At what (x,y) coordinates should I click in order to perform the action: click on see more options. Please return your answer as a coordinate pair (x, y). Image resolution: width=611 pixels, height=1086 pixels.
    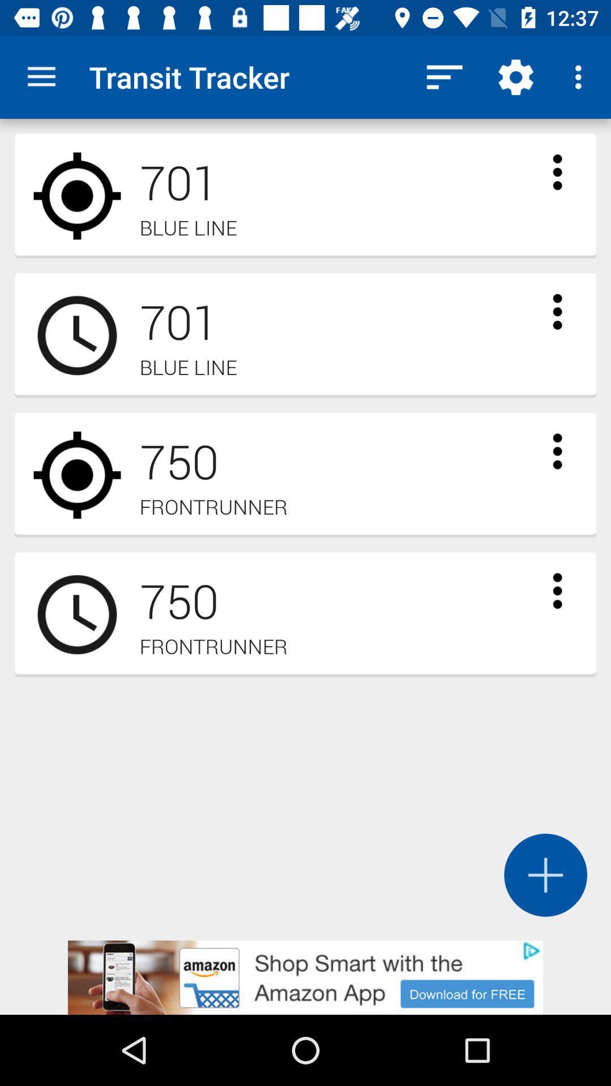
    Looking at the image, I should click on (557, 590).